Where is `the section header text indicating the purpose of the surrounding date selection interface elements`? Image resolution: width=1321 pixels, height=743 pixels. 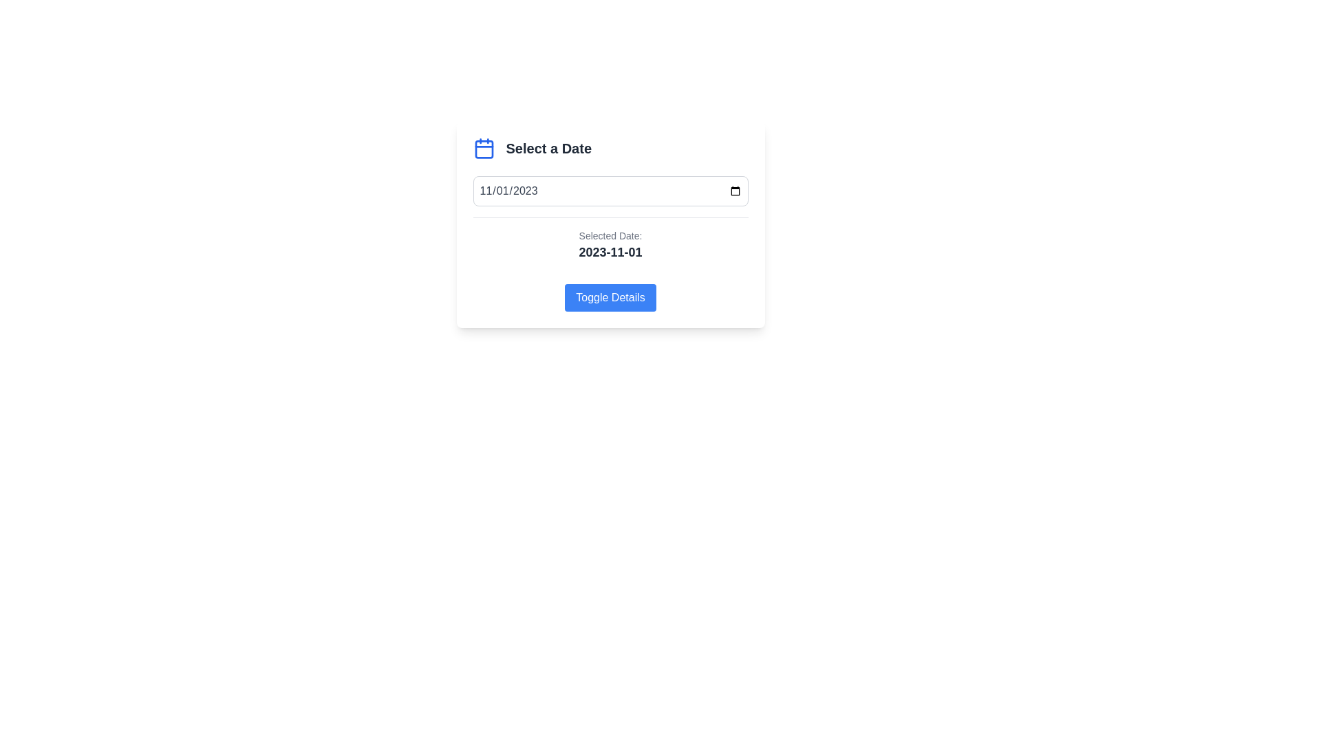 the section header text indicating the purpose of the surrounding date selection interface elements is located at coordinates (548, 149).